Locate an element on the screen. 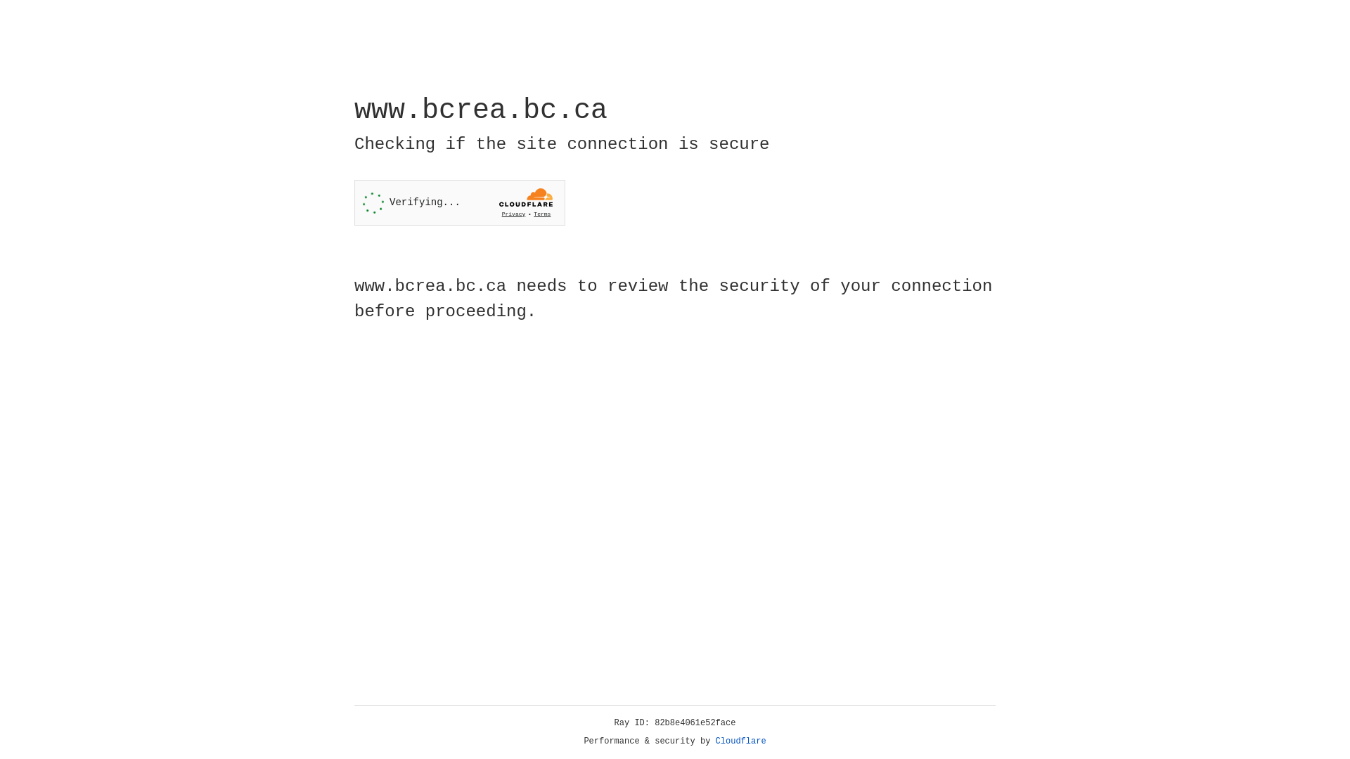 The image size is (1350, 759). 'Widget containing a Cloudflare security challenge' is located at coordinates (459, 202).